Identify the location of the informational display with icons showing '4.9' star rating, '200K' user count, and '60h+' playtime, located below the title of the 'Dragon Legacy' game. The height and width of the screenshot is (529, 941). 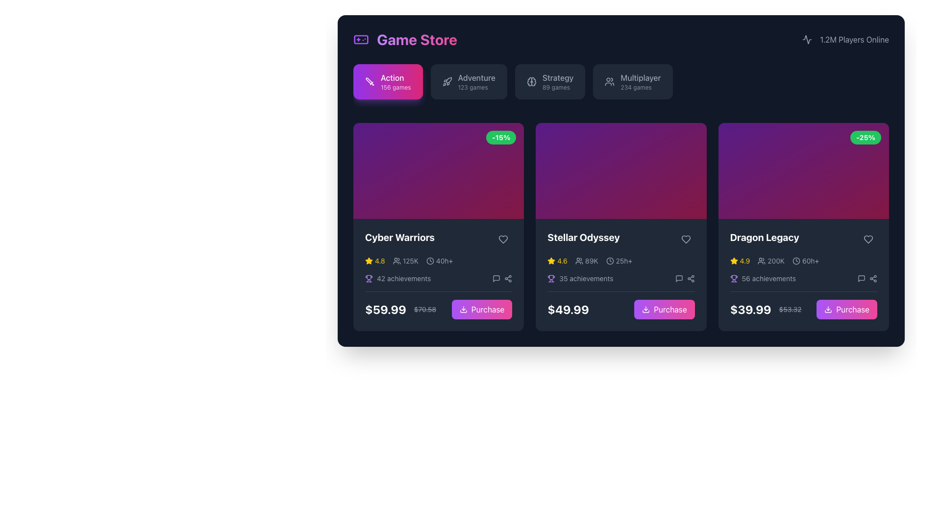
(803, 260).